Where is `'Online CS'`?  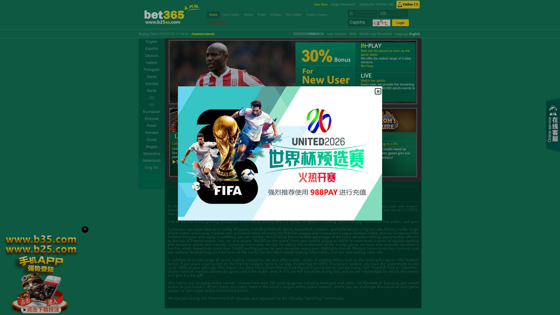 'Online CS' is located at coordinates (407, 4).